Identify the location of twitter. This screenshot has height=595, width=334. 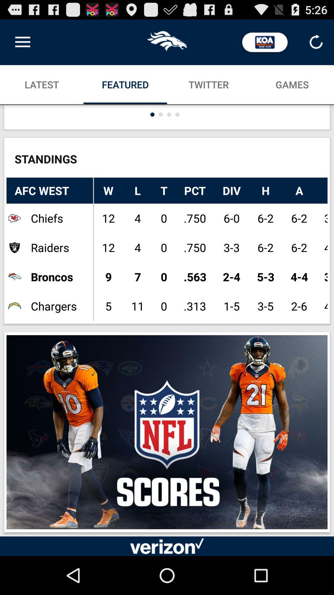
(209, 84).